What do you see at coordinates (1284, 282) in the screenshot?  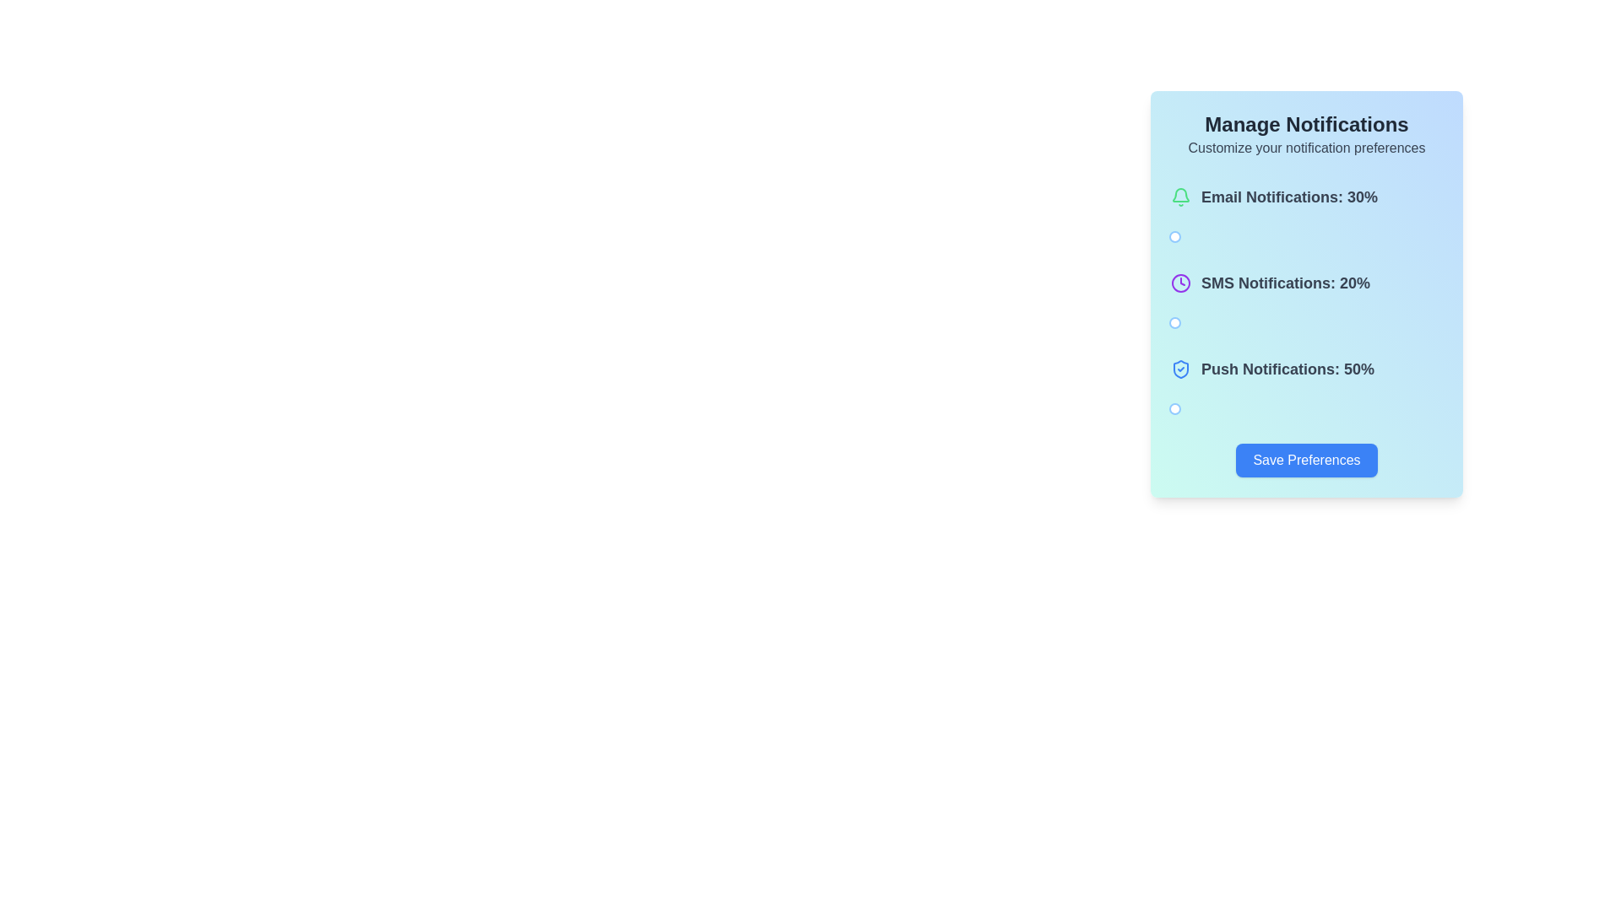 I see `the text label reading 'SMS Notifications: 20%' which is styled with a bold font weight and dark-gray color, located in the second row of notification options within a card layout` at bounding box center [1284, 282].